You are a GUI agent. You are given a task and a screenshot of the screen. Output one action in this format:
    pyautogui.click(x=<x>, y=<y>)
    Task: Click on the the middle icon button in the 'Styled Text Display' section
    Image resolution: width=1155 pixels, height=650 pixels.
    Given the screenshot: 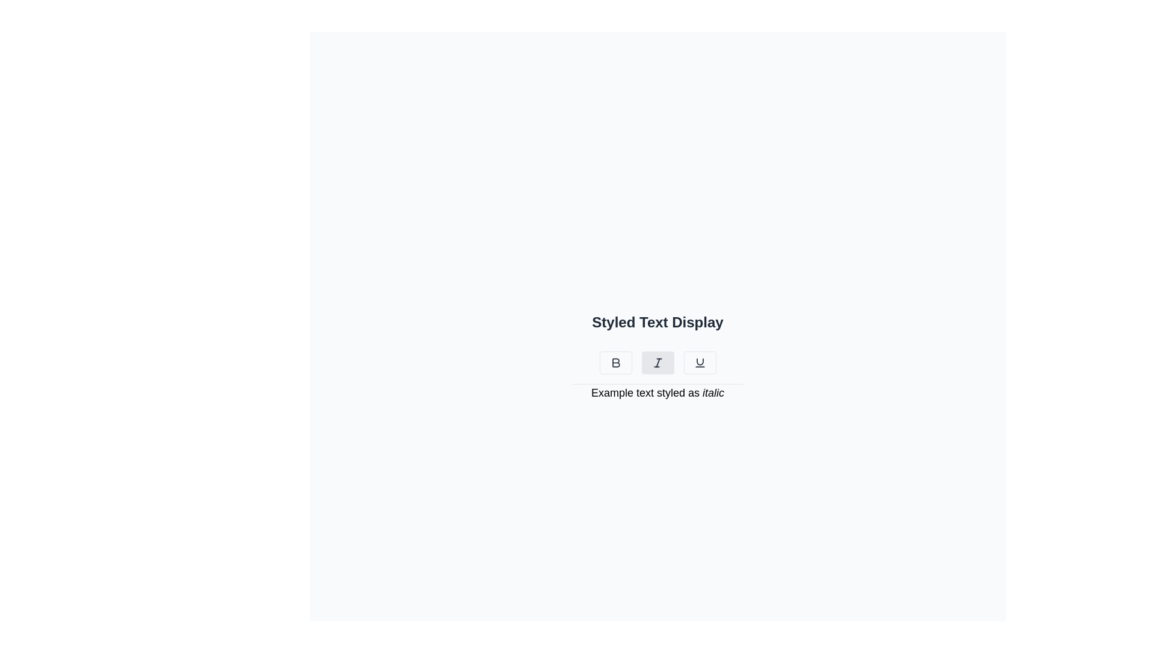 What is the action you would take?
    pyautogui.click(x=657, y=362)
    